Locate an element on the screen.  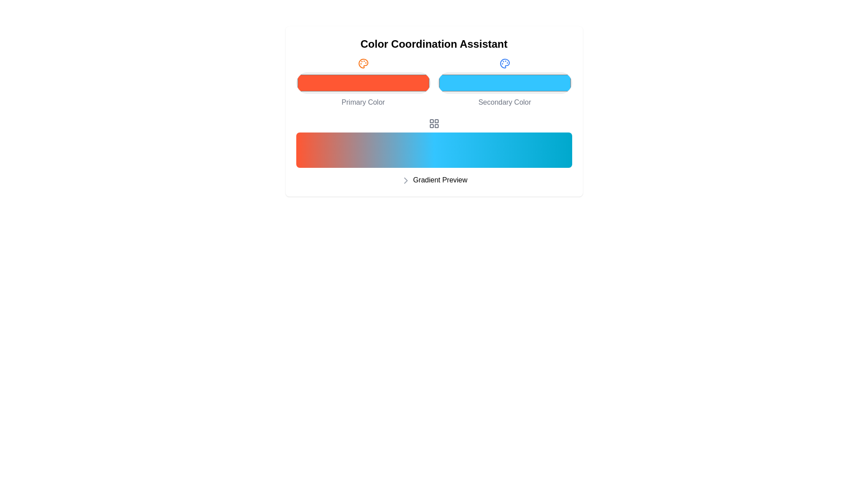
the bright red-orange Color selection button located in the 'Primary Color' section, which is situated below the palette icon and above the 'Primary Color' label is located at coordinates (363, 83).